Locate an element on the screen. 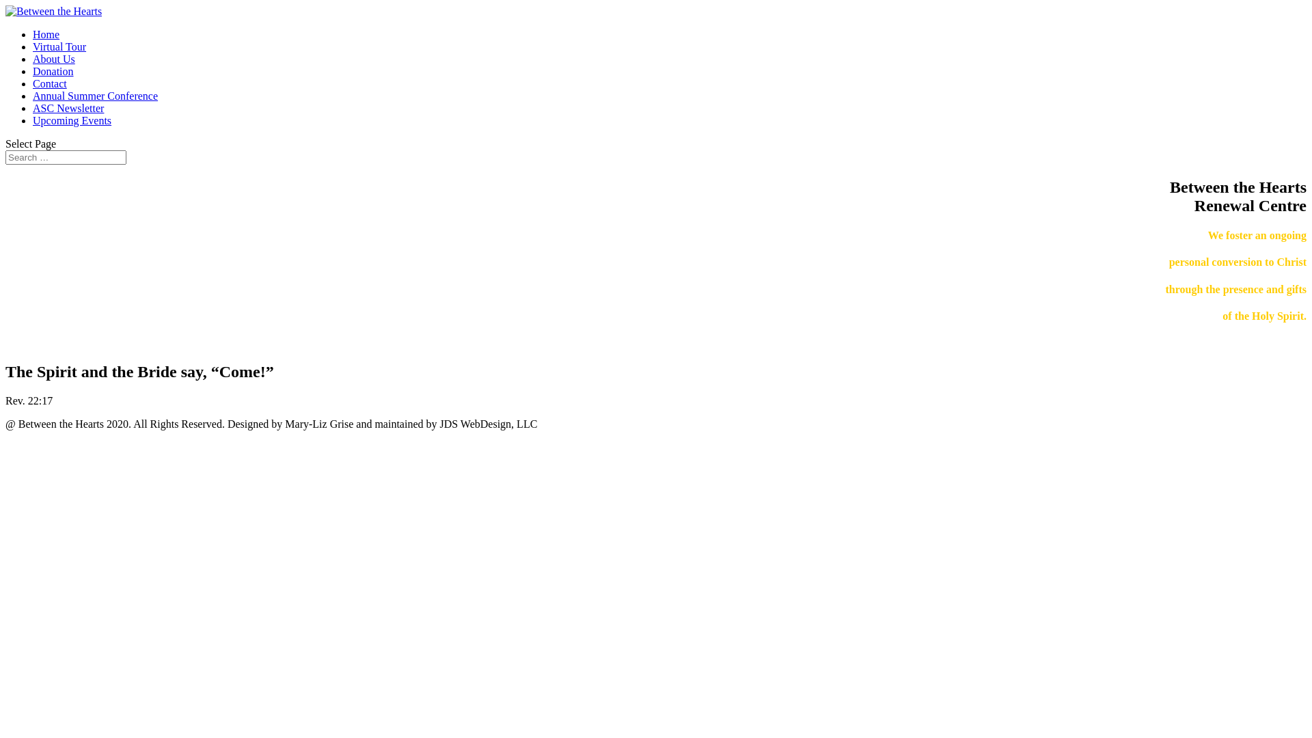 The image size is (1312, 738). 'Contact' is located at coordinates (49, 83).